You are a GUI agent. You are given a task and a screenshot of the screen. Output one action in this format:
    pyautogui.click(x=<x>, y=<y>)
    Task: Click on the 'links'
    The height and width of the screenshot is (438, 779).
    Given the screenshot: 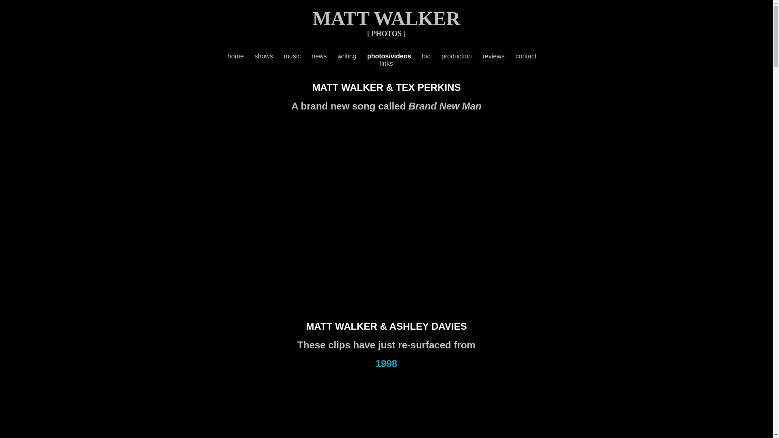 What is the action you would take?
    pyautogui.click(x=385, y=63)
    